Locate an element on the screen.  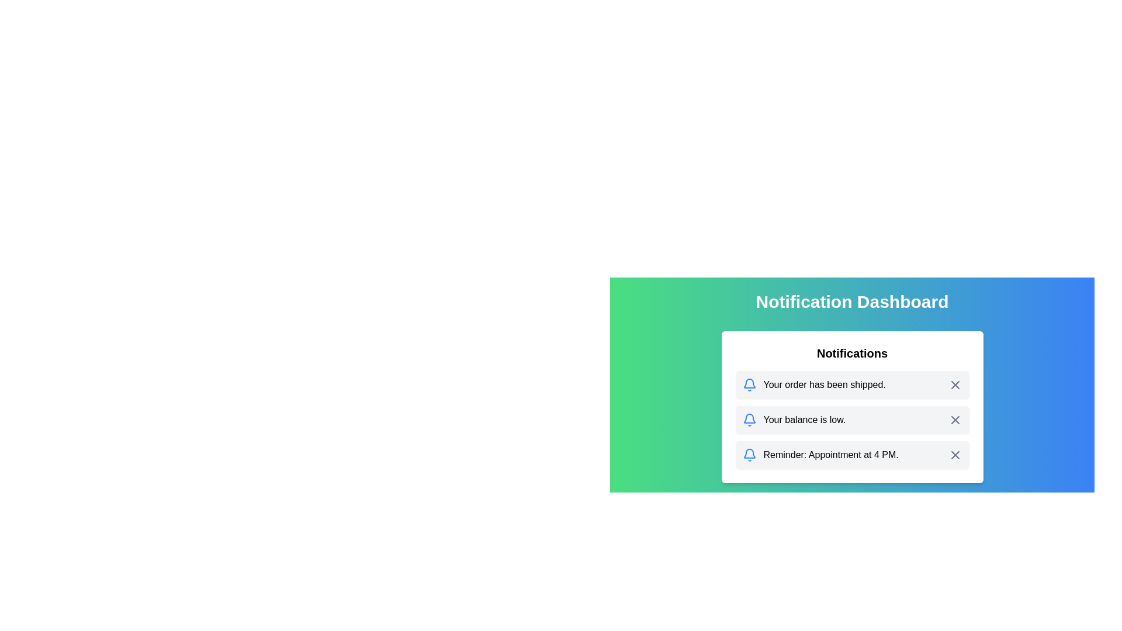
the SVG bell icon outlined in blue, which symbolizes notifications, located to the left of the text 'Your order has been shipped.' is located at coordinates (749, 385).